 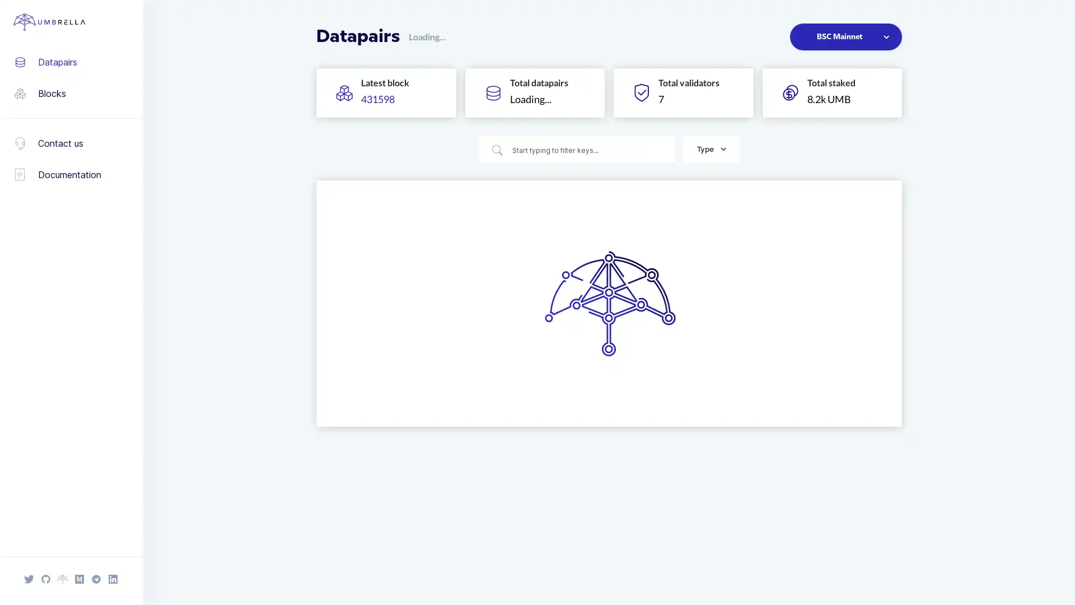 I want to click on BSC Mainnet, so click(x=846, y=36).